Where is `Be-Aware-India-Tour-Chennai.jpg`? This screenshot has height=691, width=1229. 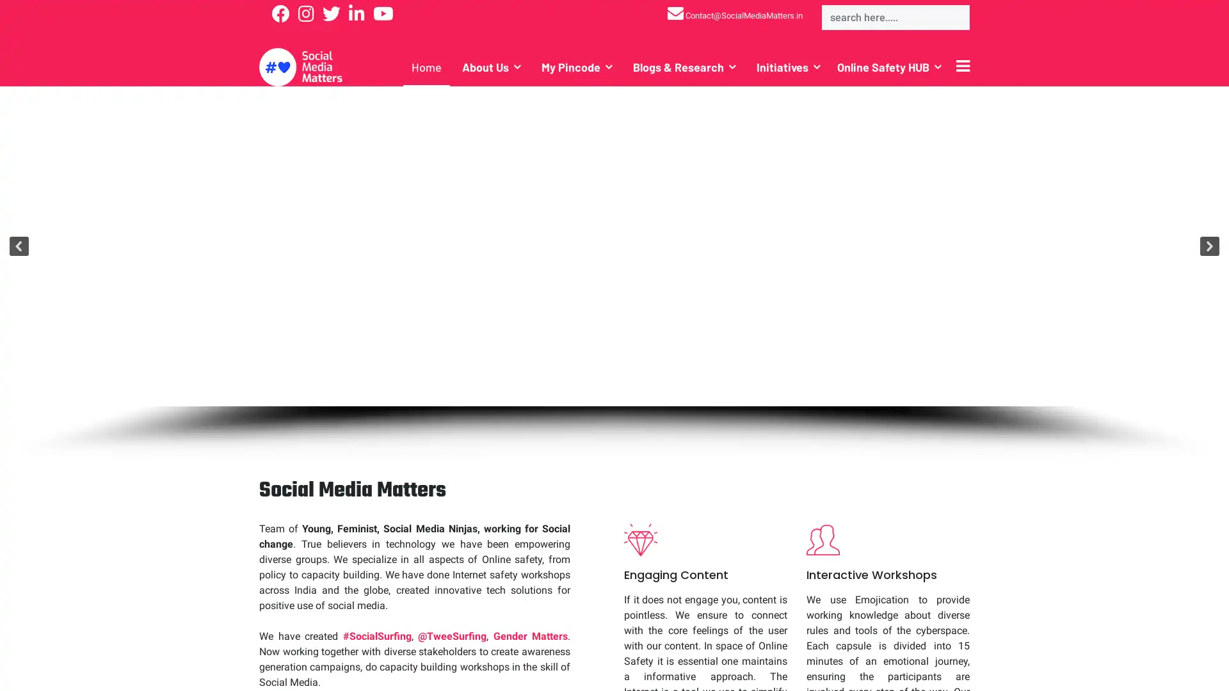
Be-Aware-India-Tour-Chennai.jpg is located at coordinates (550, 393).